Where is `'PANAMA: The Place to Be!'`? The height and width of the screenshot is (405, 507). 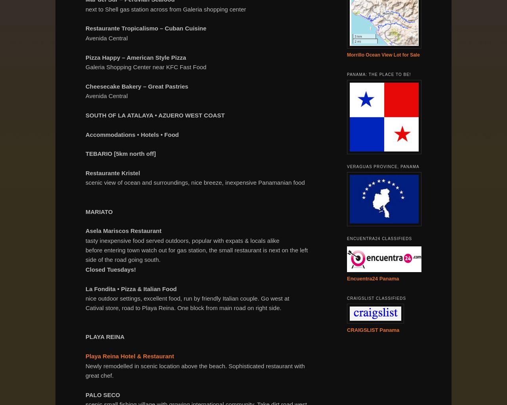 'PANAMA: The Place to Be!' is located at coordinates (378, 74).